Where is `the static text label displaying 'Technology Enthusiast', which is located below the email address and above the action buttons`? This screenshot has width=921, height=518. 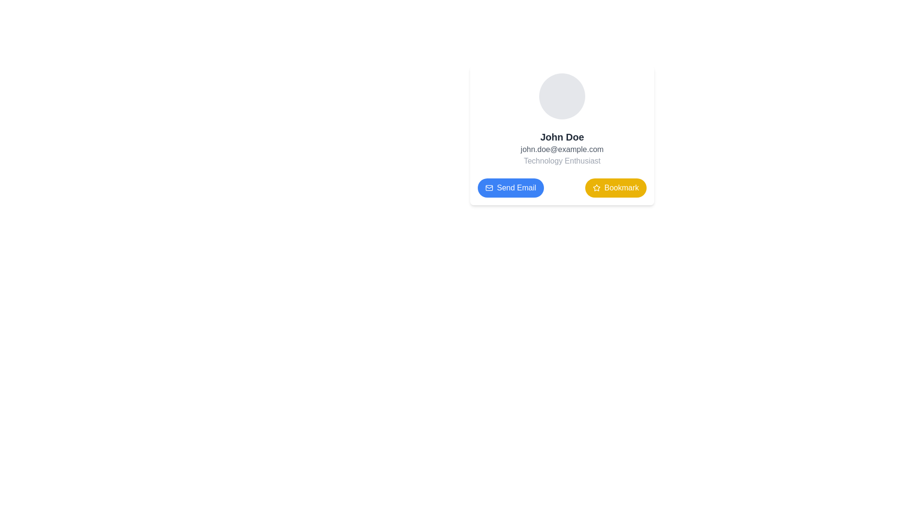 the static text label displaying 'Technology Enthusiast', which is located below the email address and above the action buttons is located at coordinates (562, 160).